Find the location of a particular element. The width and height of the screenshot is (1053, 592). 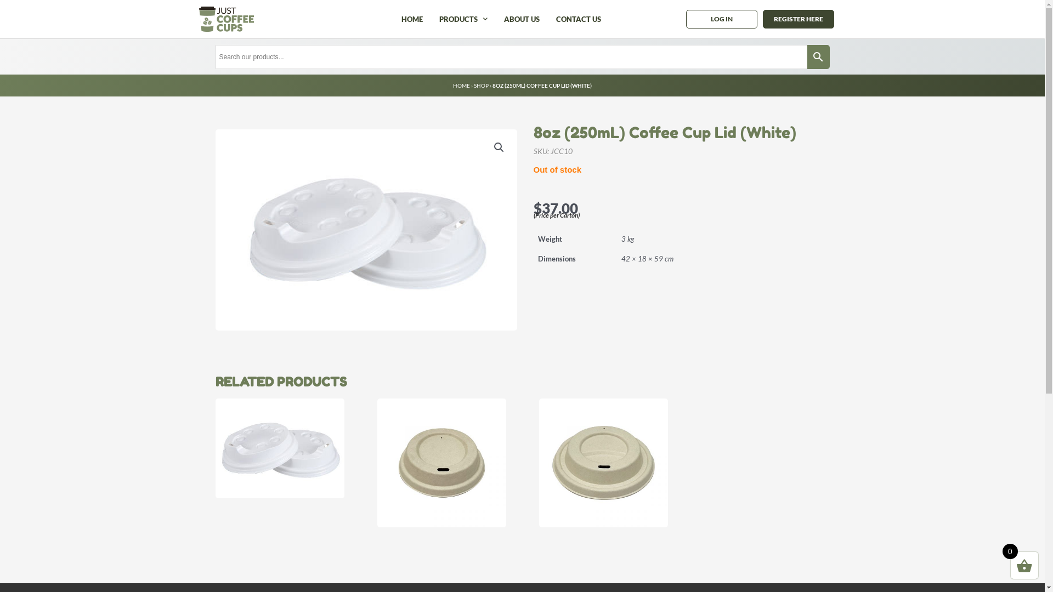

'PRODUCTS' is located at coordinates (463, 19).